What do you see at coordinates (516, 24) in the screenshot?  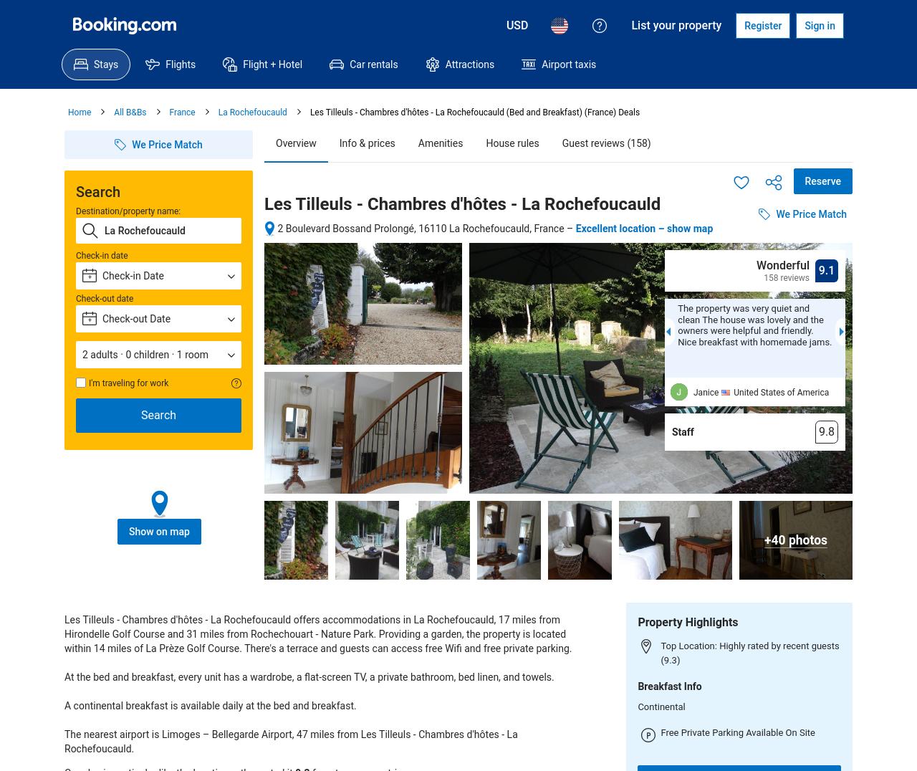 I see `'USD'` at bounding box center [516, 24].